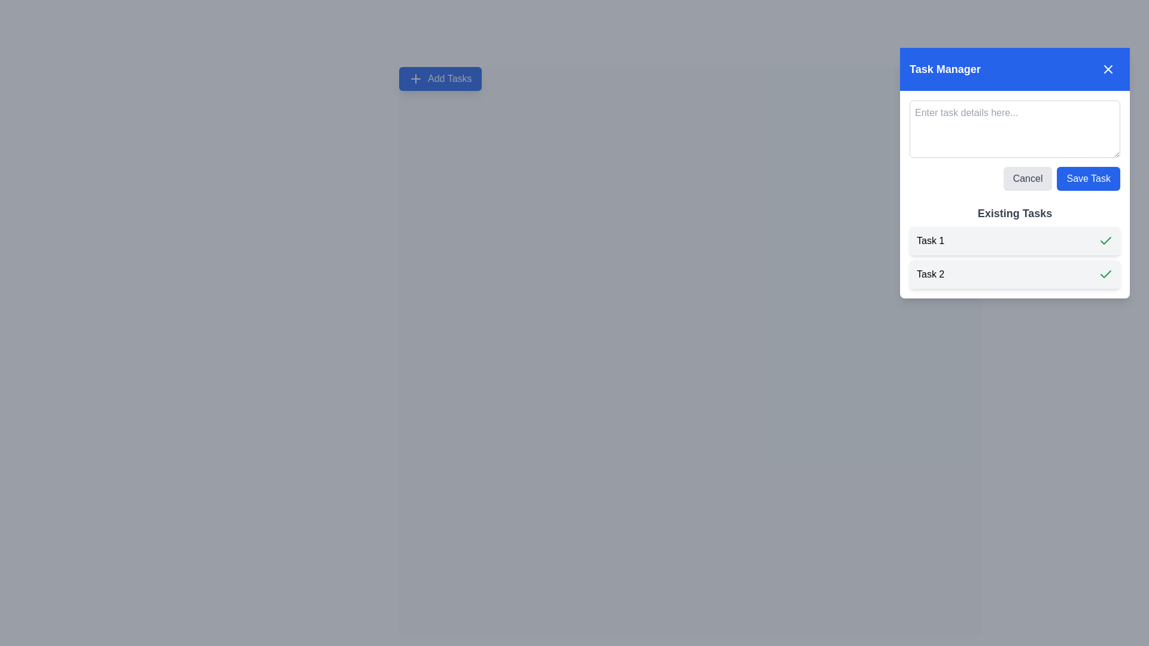  What do you see at coordinates (1108, 69) in the screenshot?
I see `the close button located in the top-right corner of the 'Task Manager' dialog to invoke hover effects` at bounding box center [1108, 69].